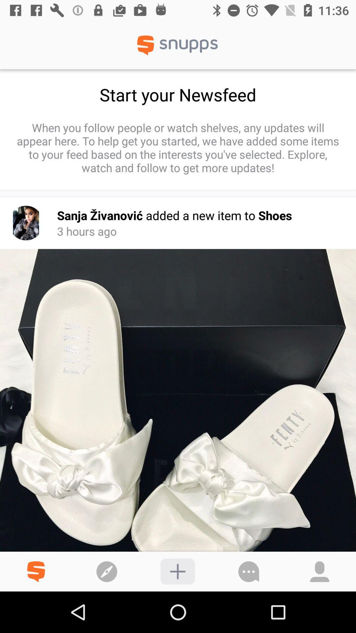 This screenshot has height=633, width=356. Describe the element at coordinates (177, 571) in the screenshot. I see `to collection` at that location.